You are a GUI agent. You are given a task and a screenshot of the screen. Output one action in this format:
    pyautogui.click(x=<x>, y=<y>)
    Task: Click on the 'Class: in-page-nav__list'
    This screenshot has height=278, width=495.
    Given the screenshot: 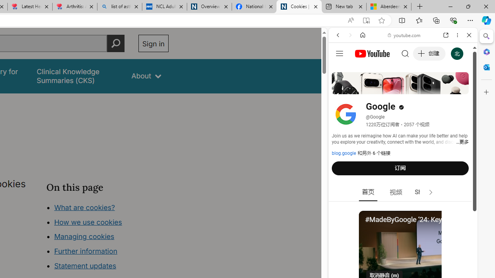 What is the action you would take?
    pyautogui.click(x=107, y=237)
    